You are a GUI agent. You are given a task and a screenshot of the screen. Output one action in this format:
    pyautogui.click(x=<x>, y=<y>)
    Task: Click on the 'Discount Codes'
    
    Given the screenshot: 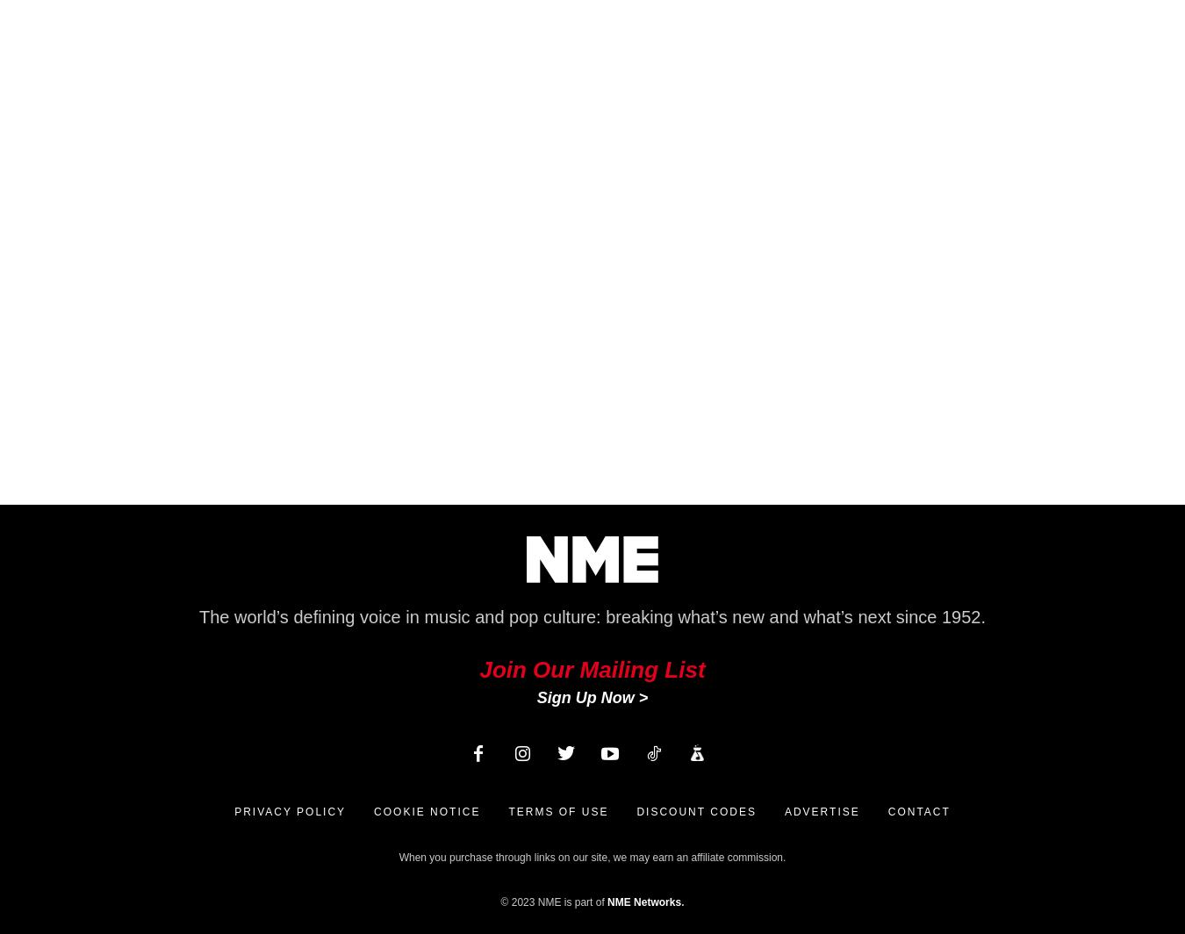 What is the action you would take?
    pyautogui.click(x=635, y=812)
    